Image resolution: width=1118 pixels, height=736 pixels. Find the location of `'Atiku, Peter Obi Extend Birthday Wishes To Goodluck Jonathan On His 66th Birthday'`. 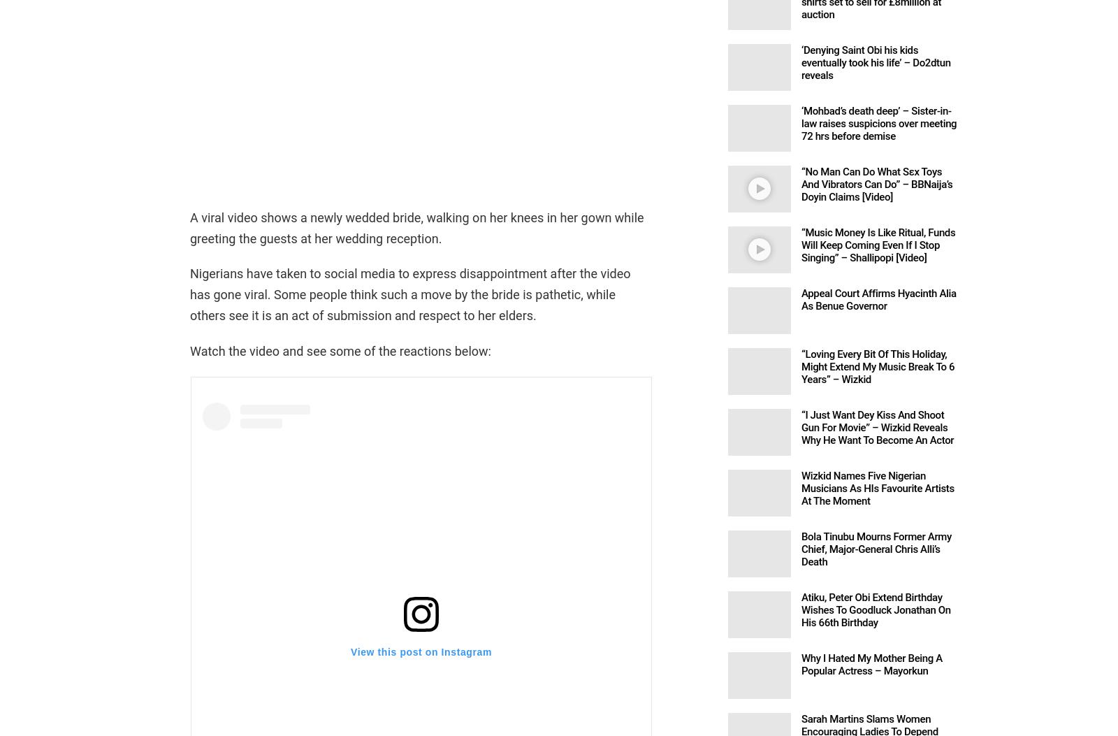

'Atiku, Peter Obi Extend Birthday Wishes To Goodluck Jonathan On His 66th Birthday' is located at coordinates (801, 609).